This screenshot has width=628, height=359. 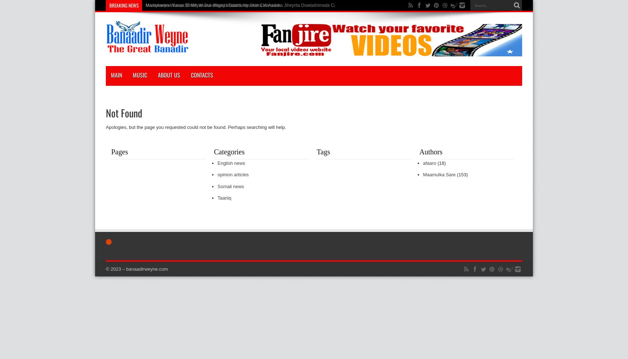 What do you see at coordinates (429, 162) in the screenshot?
I see `'afaaro'` at bounding box center [429, 162].